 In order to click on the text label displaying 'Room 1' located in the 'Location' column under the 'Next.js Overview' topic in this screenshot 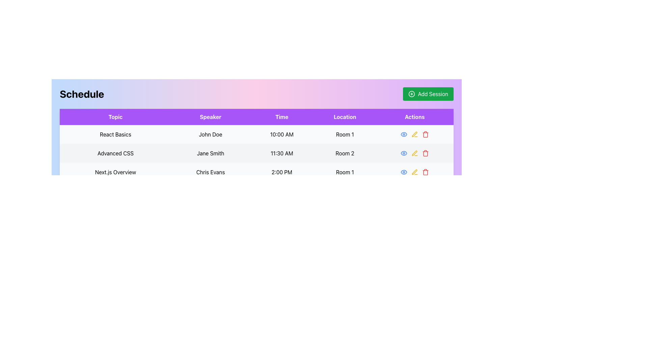, I will do `click(345, 172)`.